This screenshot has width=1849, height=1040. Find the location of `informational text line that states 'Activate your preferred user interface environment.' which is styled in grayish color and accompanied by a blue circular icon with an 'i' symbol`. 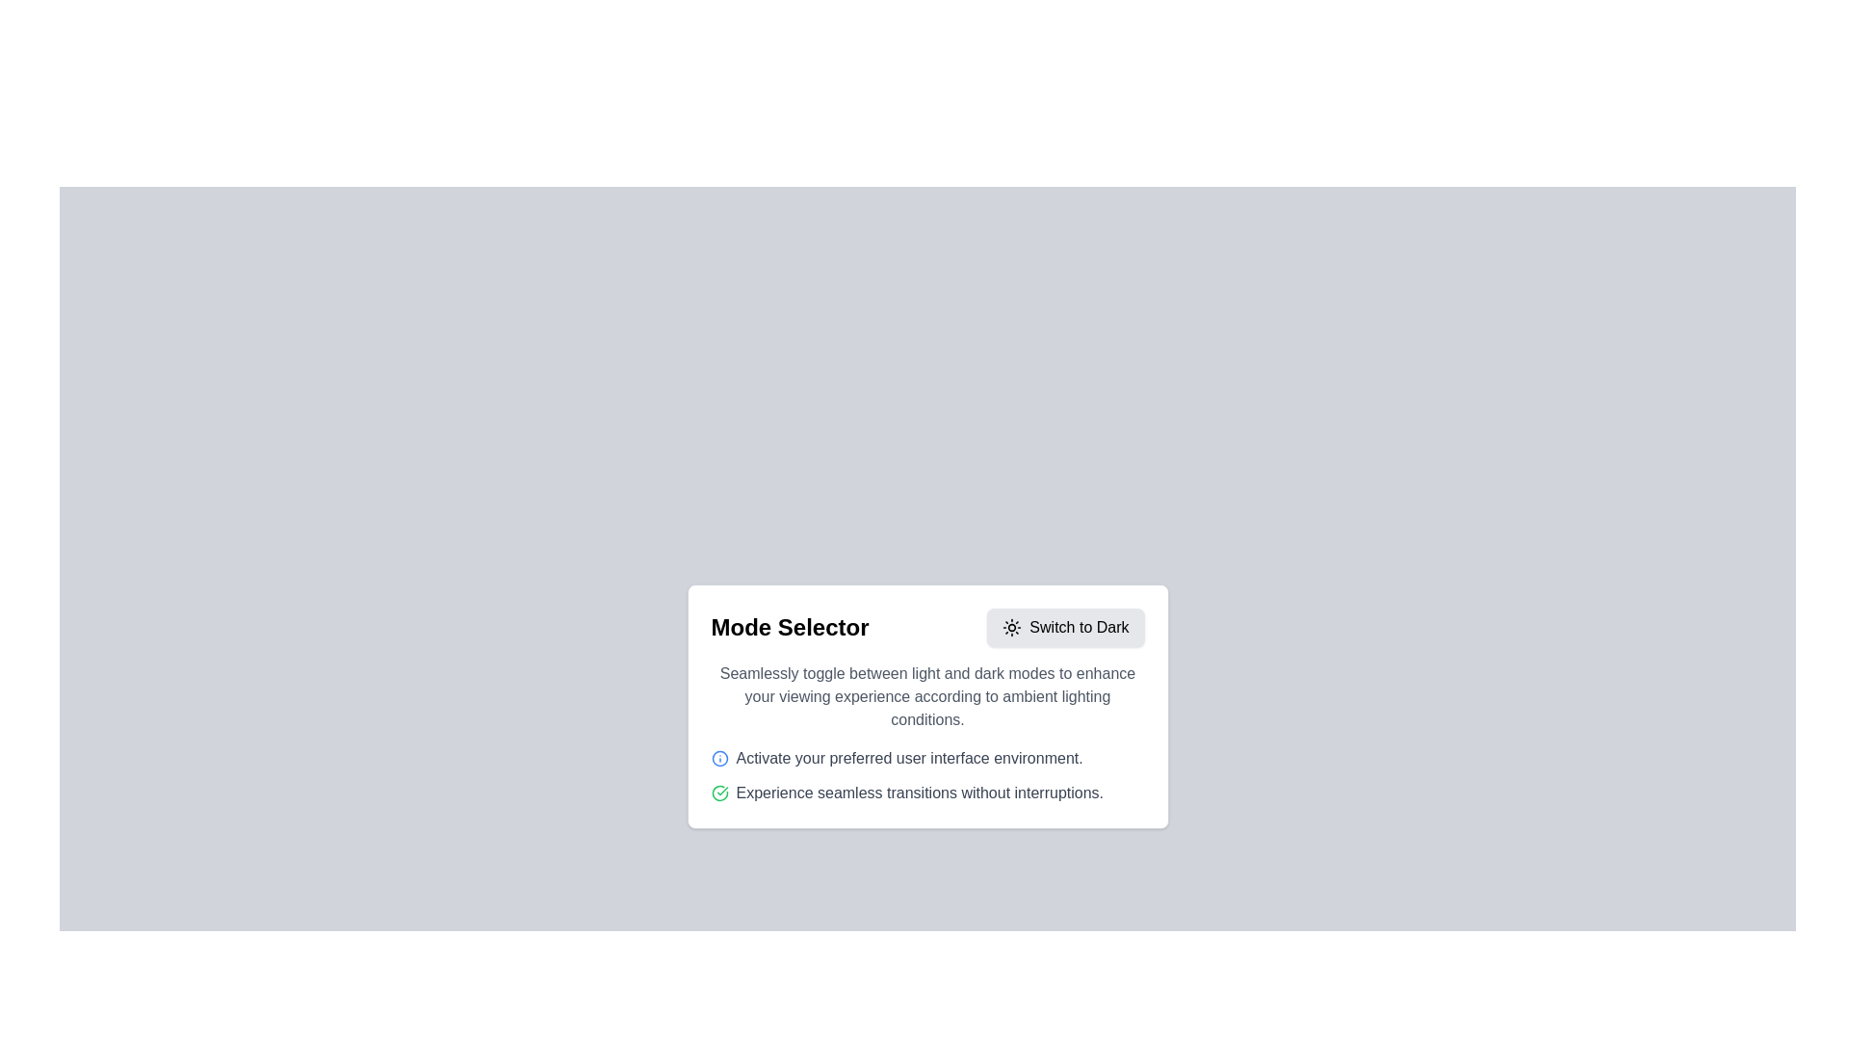

informational text line that states 'Activate your preferred user interface environment.' which is styled in grayish color and accompanied by a blue circular icon with an 'i' symbol is located at coordinates (927, 757).